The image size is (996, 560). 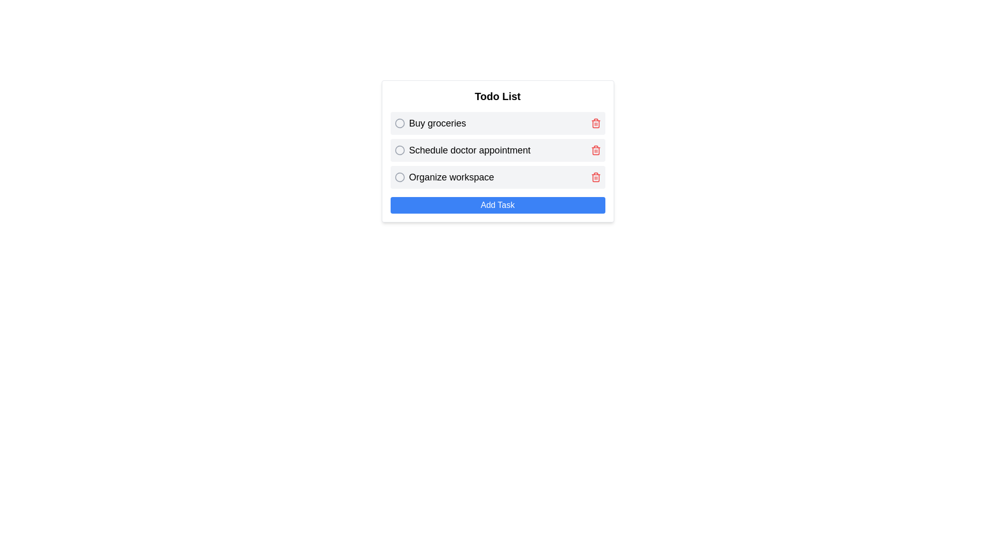 What do you see at coordinates (430, 123) in the screenshot?
I see `the text 'Buy groceries' in the first list item of the 'Todo List'` at bounding box center [430, 123].